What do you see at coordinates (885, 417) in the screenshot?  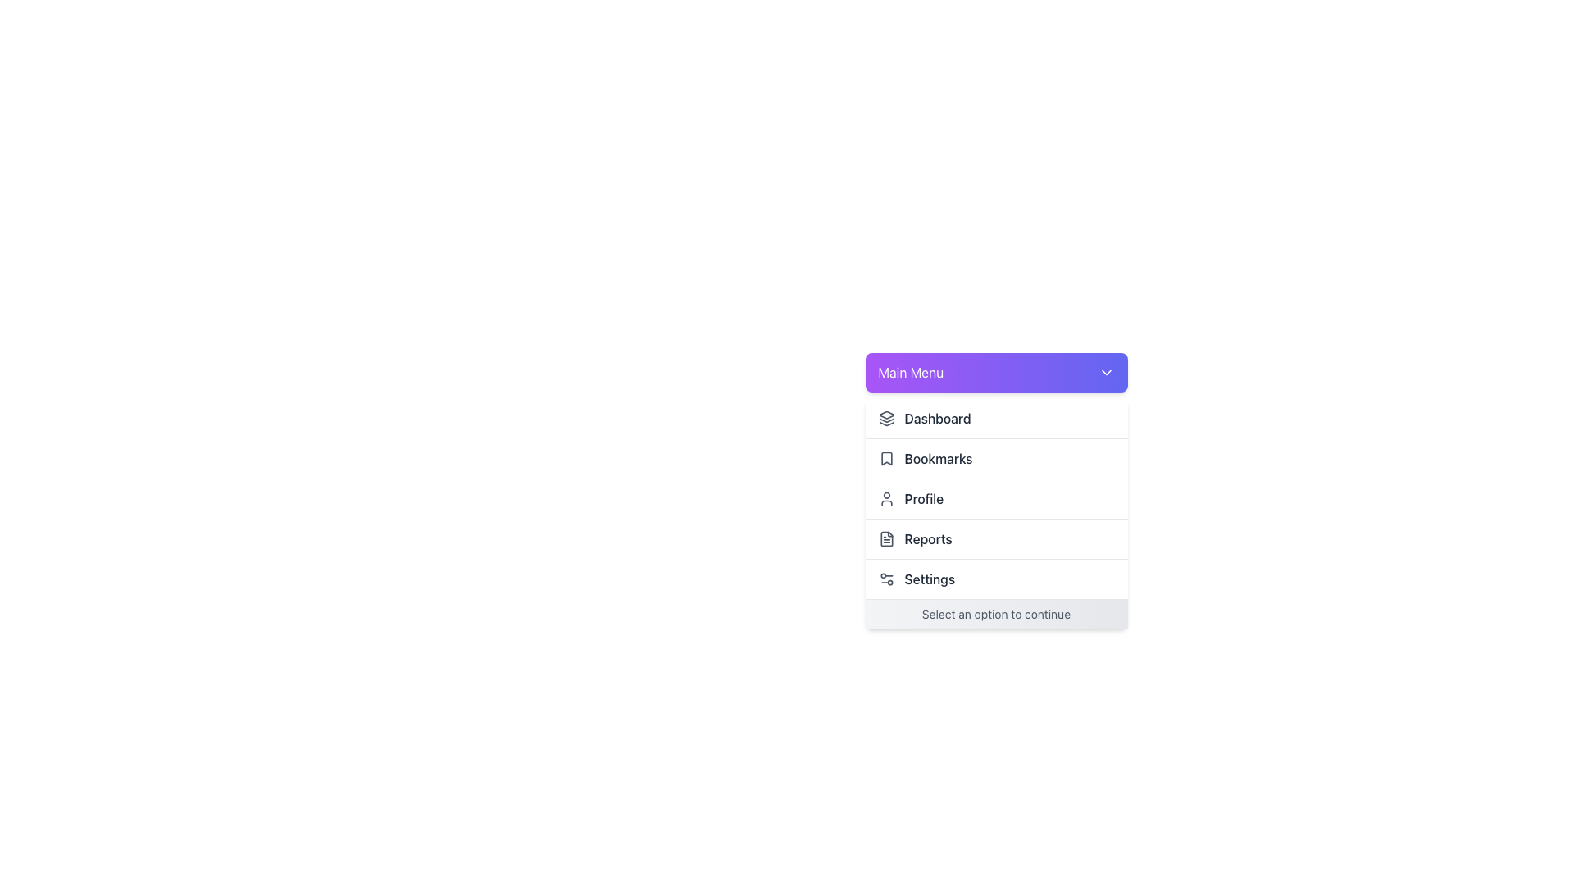 I see `the icon located to the left of the text 'Dashboard' in the 'Main Menu' vertical menu interface, which consists of three stacked gray shapes` at bounding box center [885, 417].